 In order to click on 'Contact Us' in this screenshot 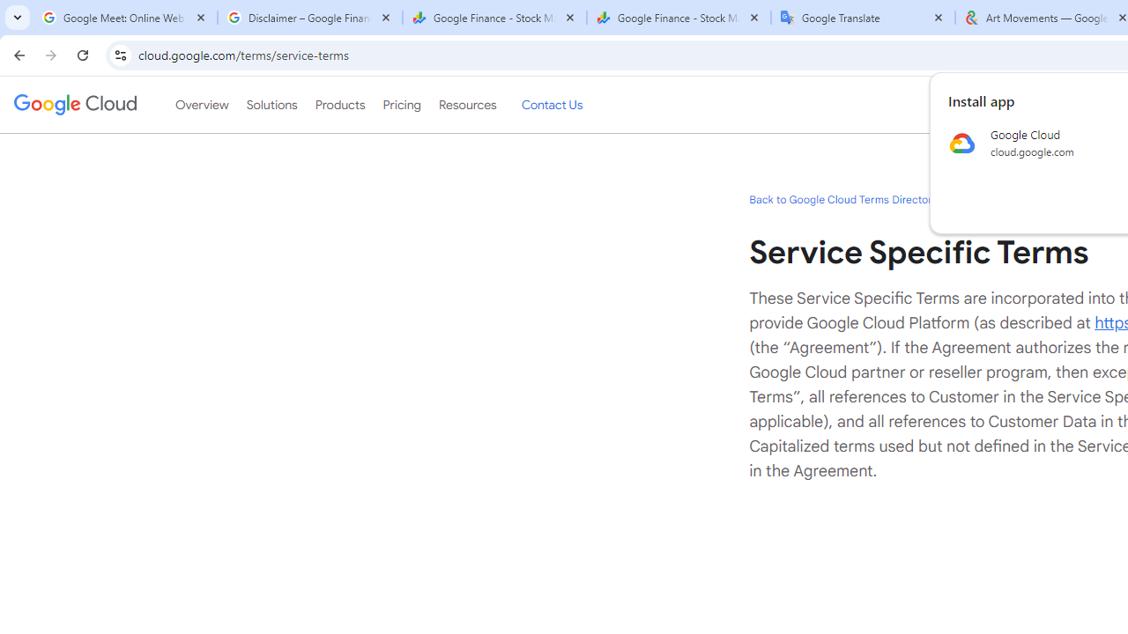, I will do `click(551, 105)`.